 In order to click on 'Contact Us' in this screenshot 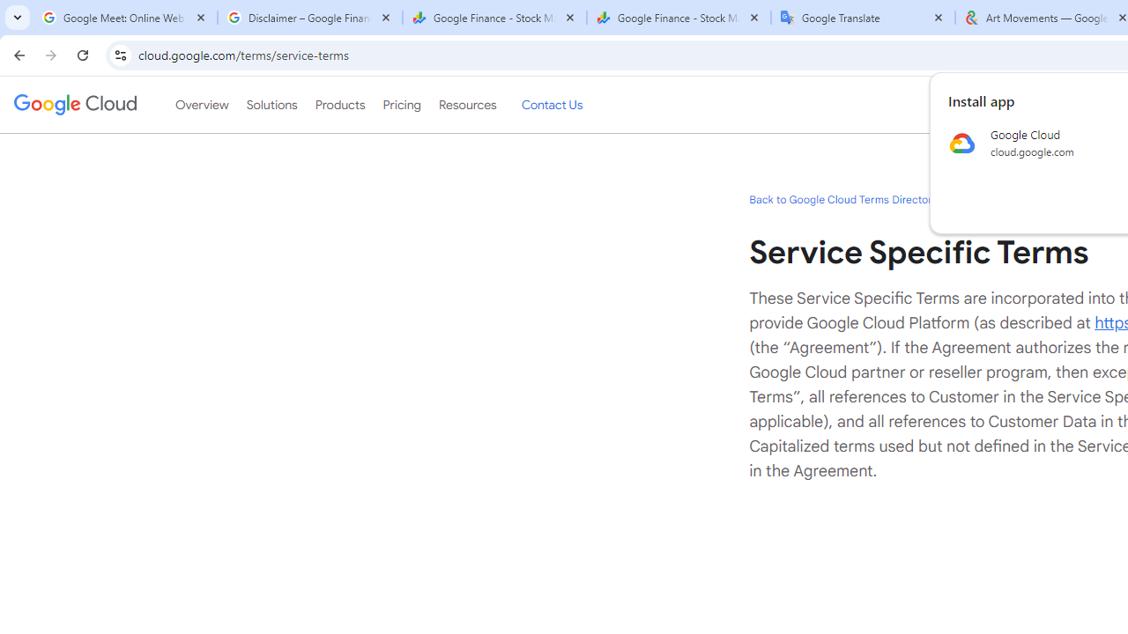, I will do `click(551, 105)`.